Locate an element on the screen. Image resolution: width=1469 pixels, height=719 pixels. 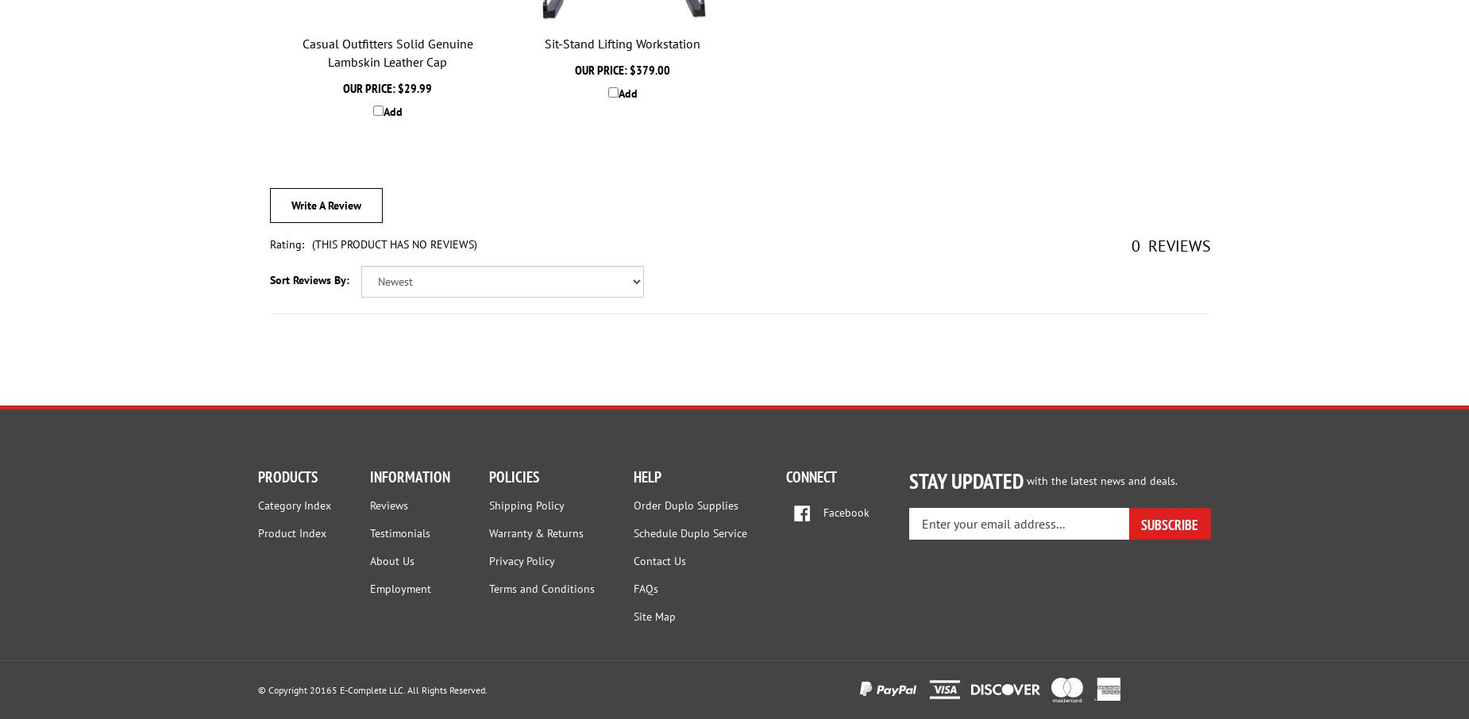
'PRODUCTS' is located at coordinates (287, 476).